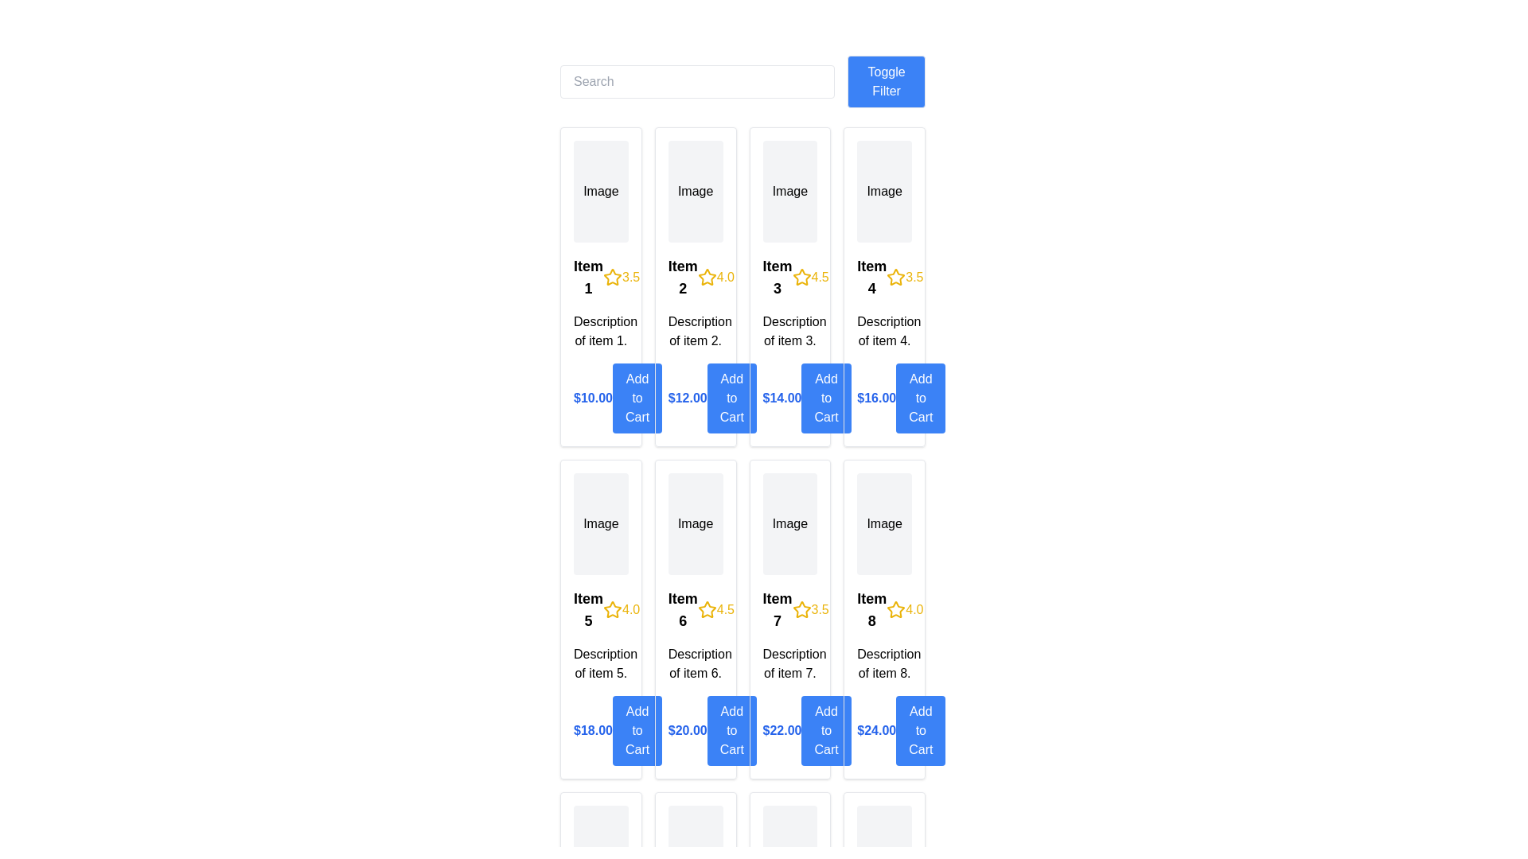  I want to click on the numeric rating indicator displaying a yellow star and the value '4.0' adjacent to 'Item 2', so click(715, 276).